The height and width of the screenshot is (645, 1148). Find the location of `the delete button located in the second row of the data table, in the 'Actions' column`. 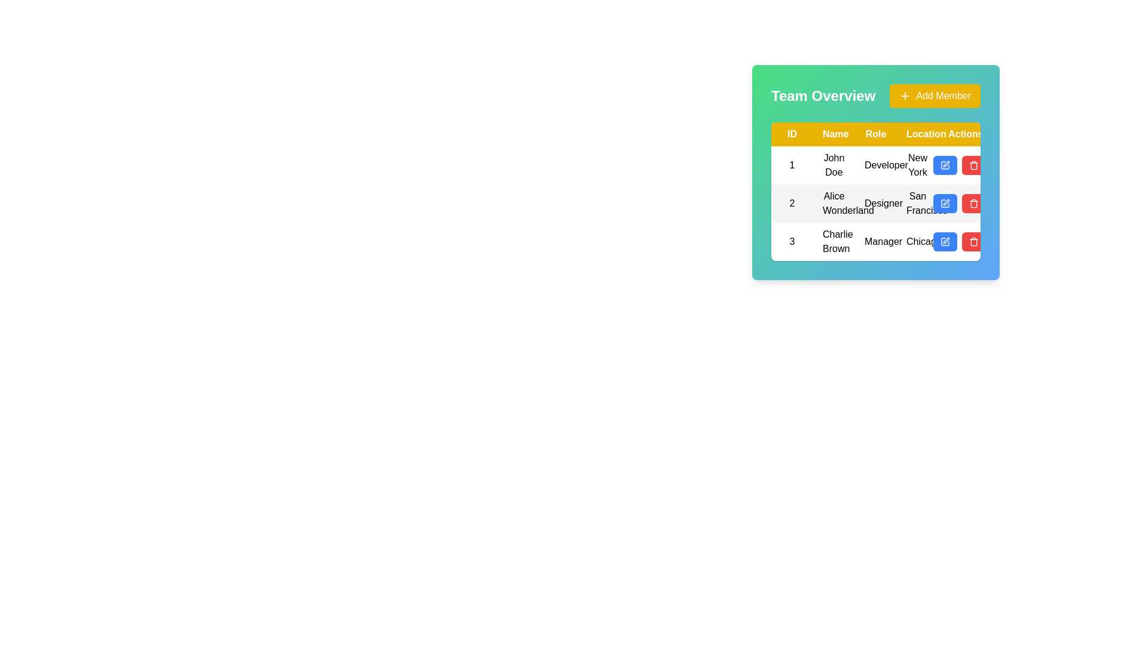

the delete button located in the second row of the data table, in the 'Actions' column is located at coordinates (973, 202).